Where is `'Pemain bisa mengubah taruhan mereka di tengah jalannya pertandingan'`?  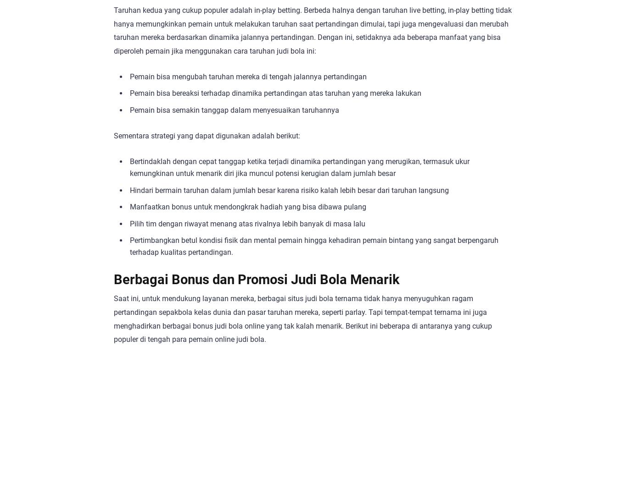 'Pemain bisa mengubah taruhan mereka di tengah jalannya pertandingan' is located at coordinates (248, 76).